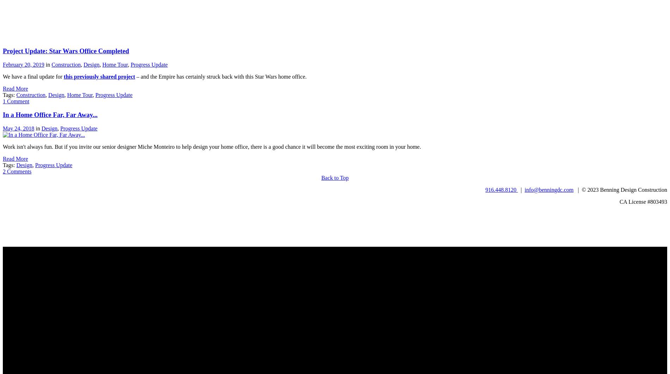 This screenshot has width=670, height=374. What do you see at coordinates (23, 64) in the screenshot?
I see `'February 20, 2019'` at bounding box center [23, 64].